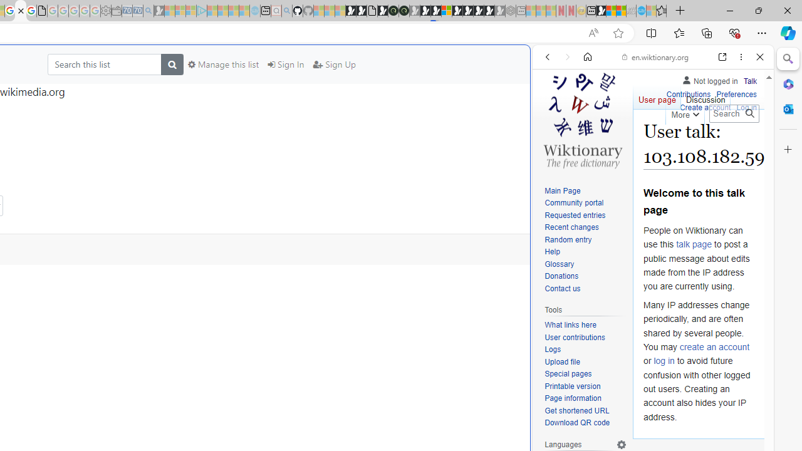  I want to click on 'Random entry', so click(585, 240).